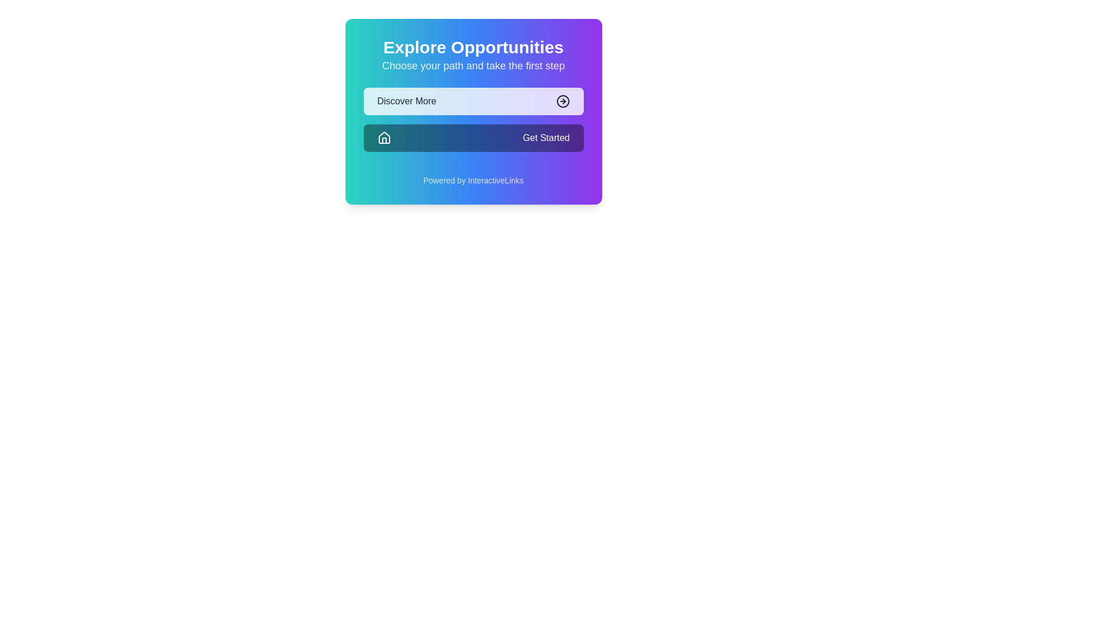 The height and width of the screenshot is (619, 1100). What do you see at coordinates (545, 137) in the screenshot?
I see `the 'Get Started' text label that is part of the button located beneath the 'Explore Opportunities' search bar, next to the house icon` at bounding box center [545, 137].